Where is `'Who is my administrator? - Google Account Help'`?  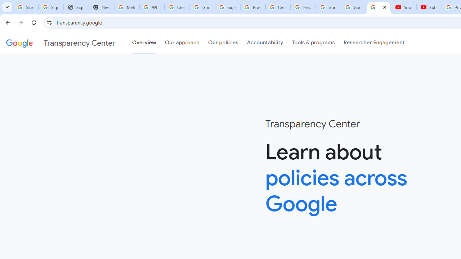
'Who is my administrator? - Google Account Help' is located at coordinates (151, 7).